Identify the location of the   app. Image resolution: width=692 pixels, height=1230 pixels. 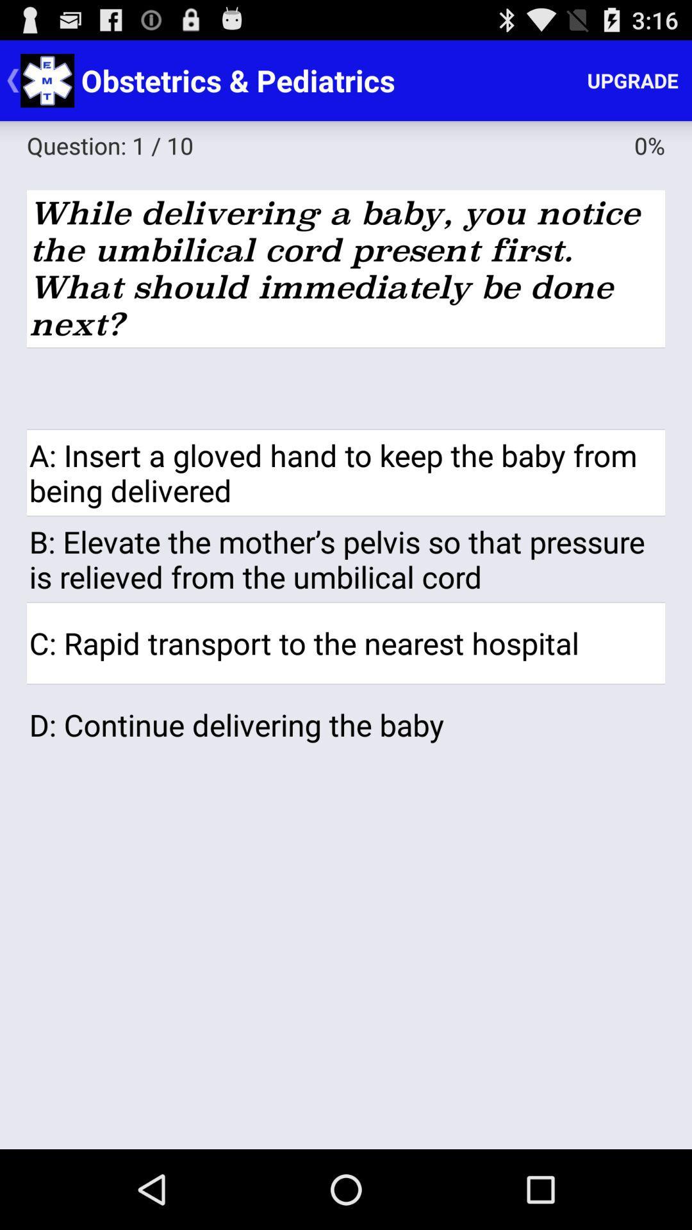
(346, 388).